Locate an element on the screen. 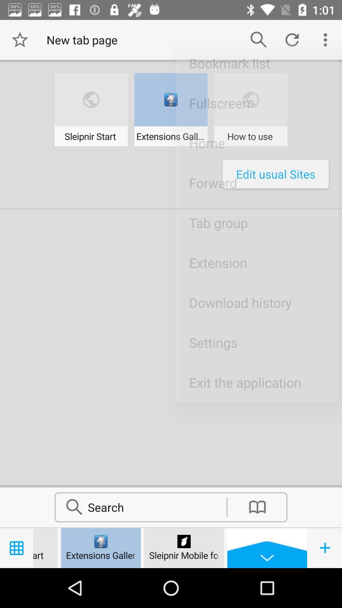 The image size is (342, 608). the drop down button left to  at right corner bottom is located at coordinates (267, 548).